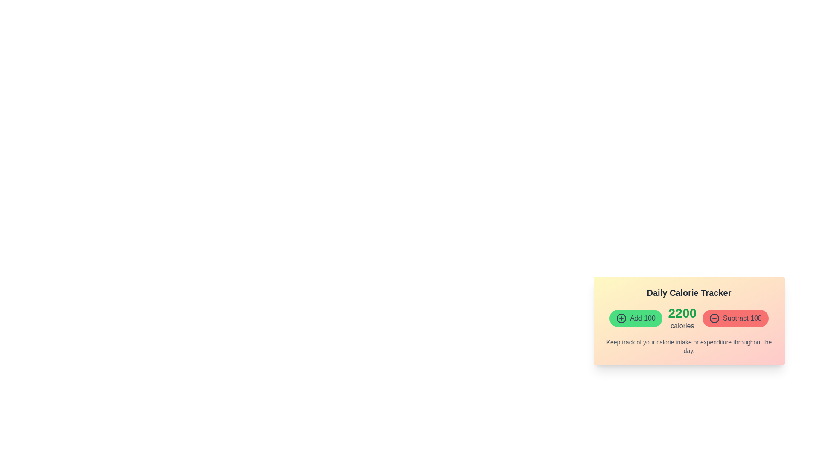 This screenshot has width=820, height=461. What do you see at coordinates (715, 318) in the screenshot?
I see `the circular vector graphic that enhances the 'Subtract 100' button, positioned centrally within the button component` at bounding box center [715, 318].